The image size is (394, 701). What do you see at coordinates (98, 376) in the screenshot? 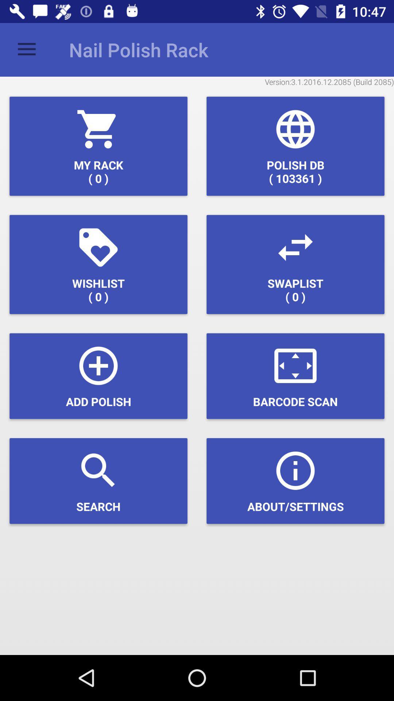
I see `the add polish item` at bounding box center [98, 376].